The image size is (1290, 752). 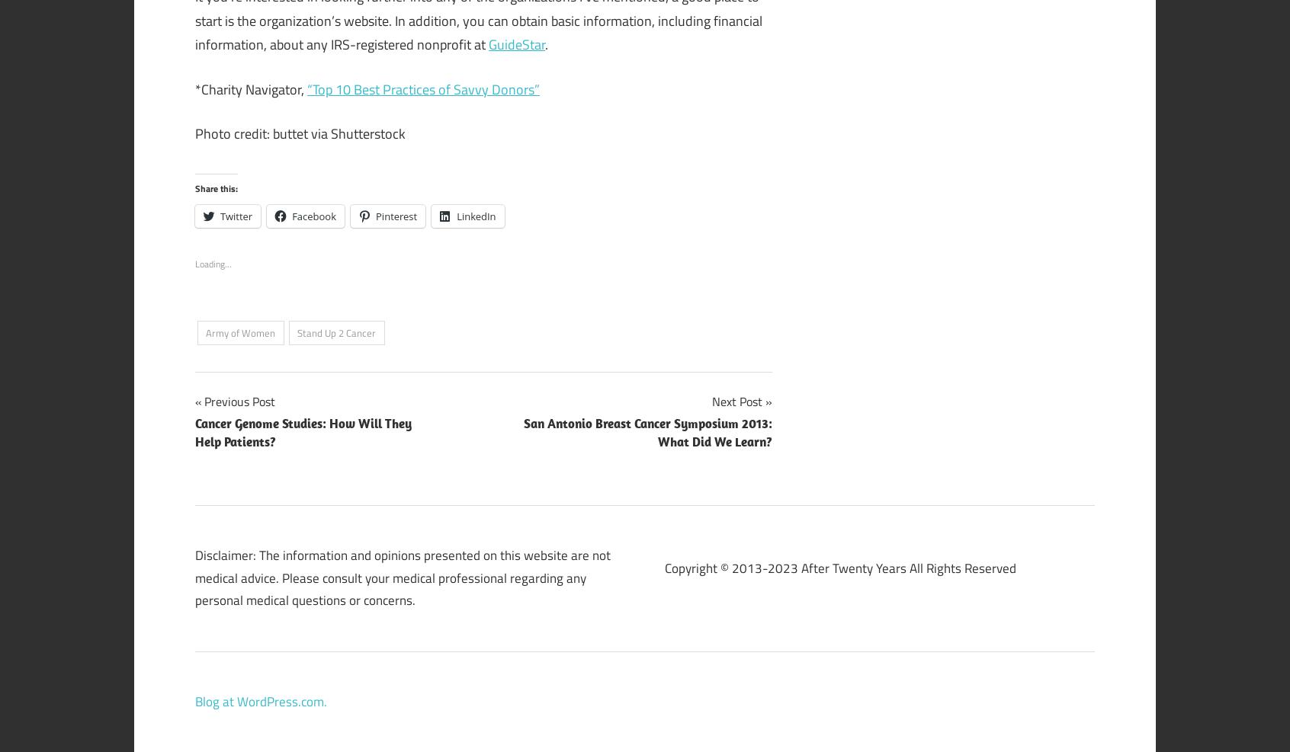 I want to click on 'Disclaimer: The information and opinions presented on this website are not medical advice. Please consult your medical professional regarding any personal medical questions or concerns.', so click(x=403, y=577).